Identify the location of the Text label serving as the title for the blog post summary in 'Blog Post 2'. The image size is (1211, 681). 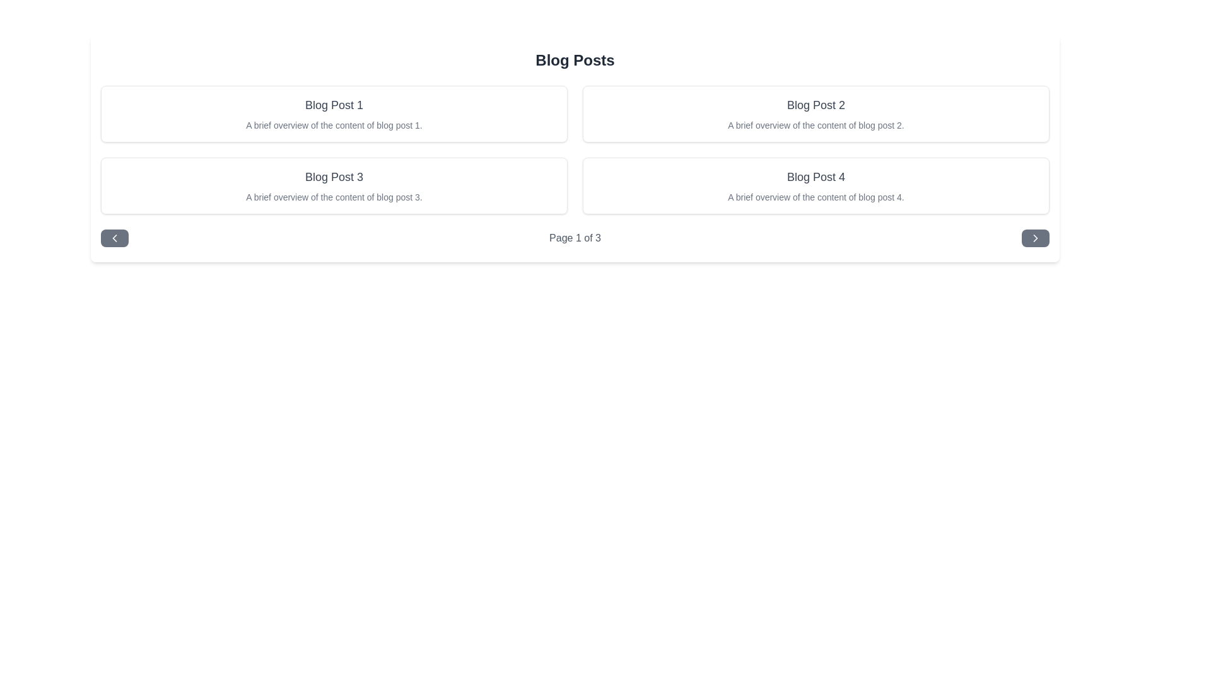
(816, 104).